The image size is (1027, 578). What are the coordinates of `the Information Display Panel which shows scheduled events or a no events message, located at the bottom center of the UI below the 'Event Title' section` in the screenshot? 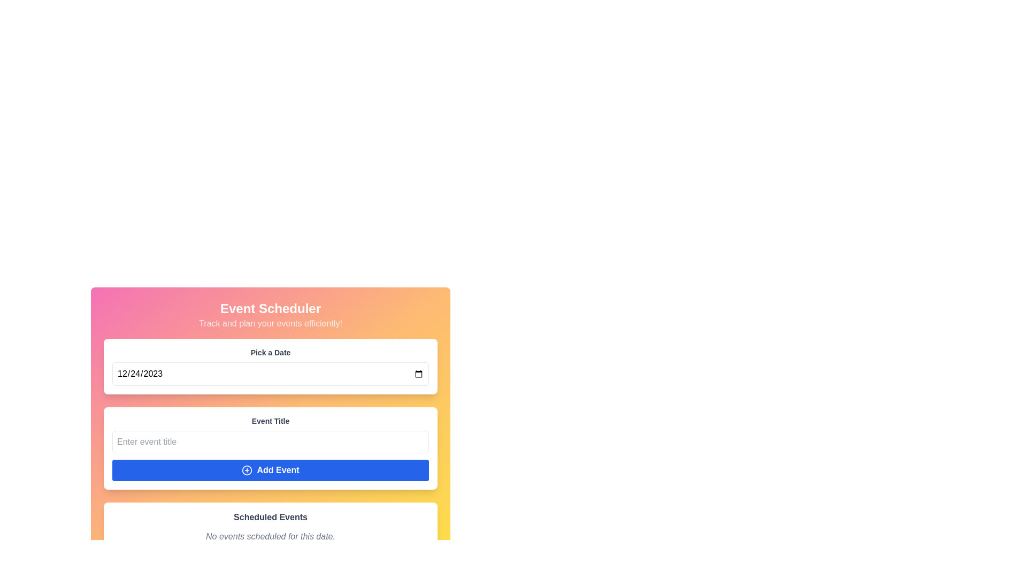 It's located at (270, 526).